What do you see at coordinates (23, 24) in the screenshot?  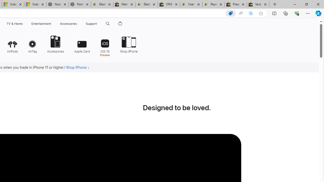 I see `'TV and Home menu'` at bounding box center [23, 24].